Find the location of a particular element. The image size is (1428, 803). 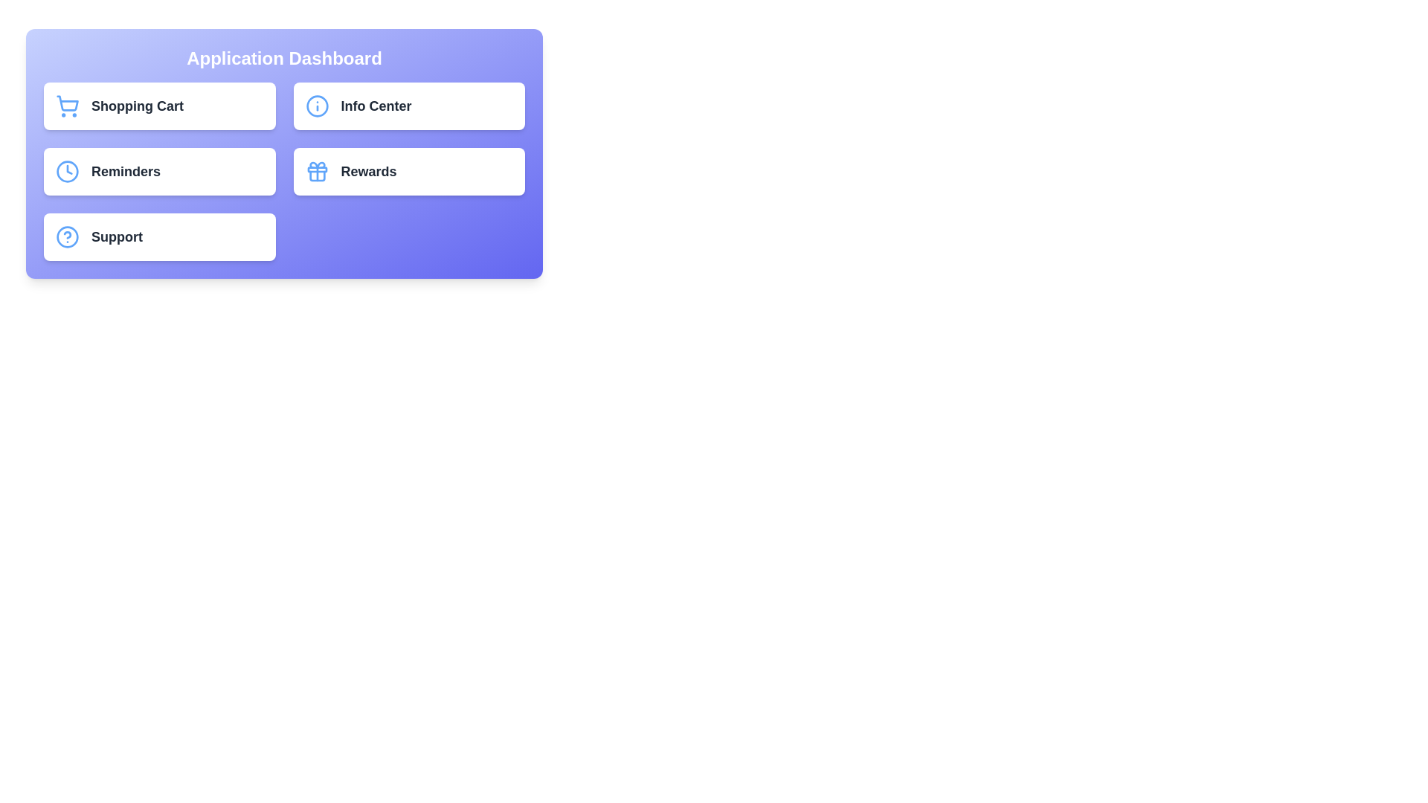

the title/header Text Display element located at the top-center of the dashboard interface is located at coordinates (284, 57).